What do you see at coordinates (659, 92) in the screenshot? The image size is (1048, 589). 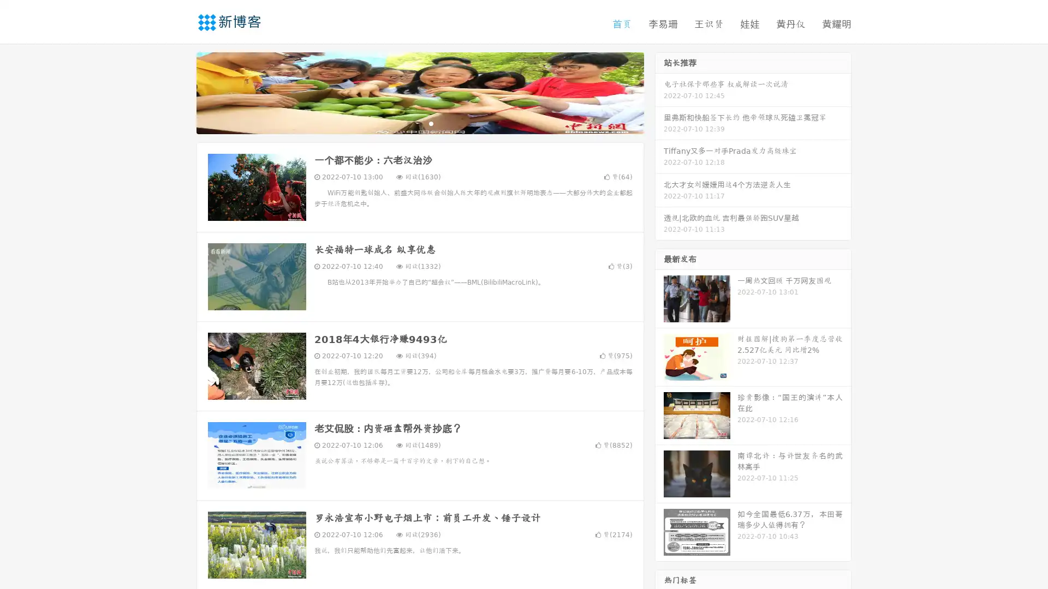 I see `Next slide` at bounding box center [659, 92].